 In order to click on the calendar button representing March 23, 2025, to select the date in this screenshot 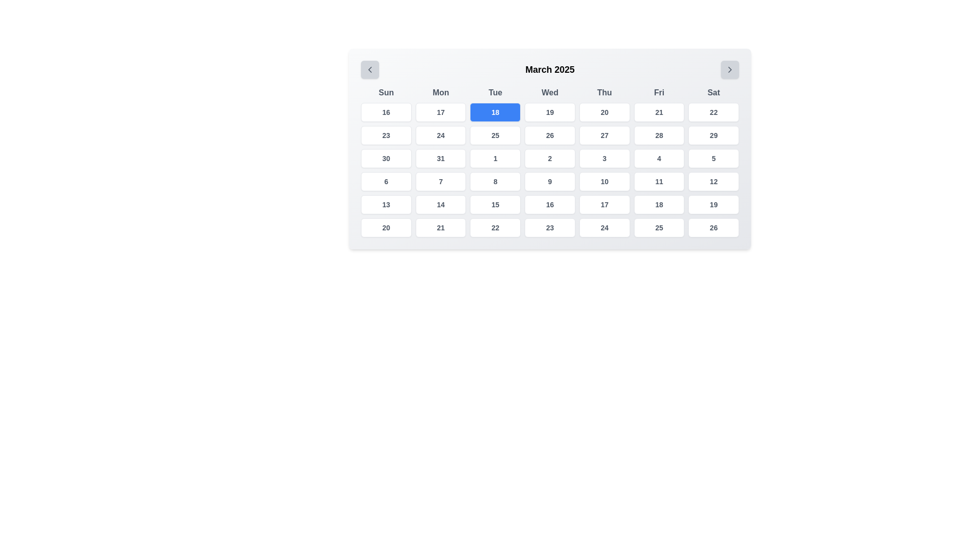, I will do `click(385, 135)`.